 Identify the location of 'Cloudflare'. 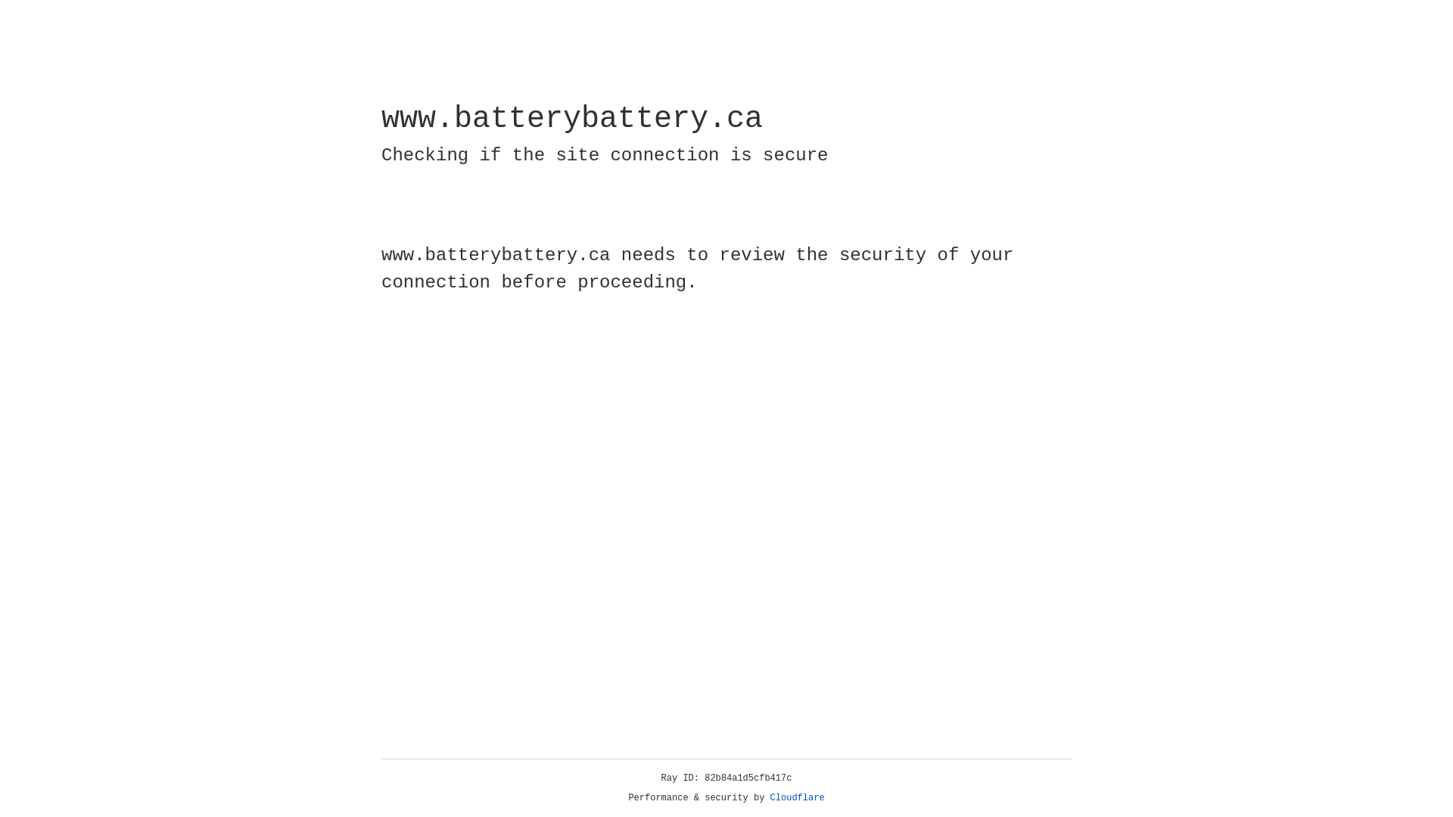
(770, 797).